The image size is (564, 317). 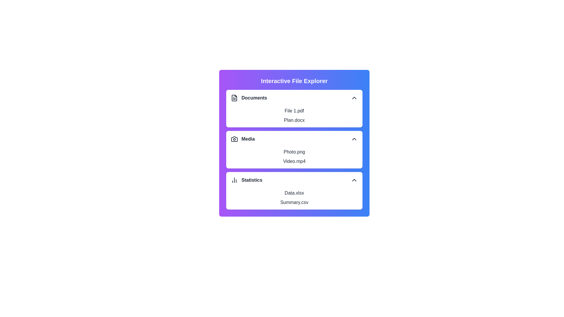 I want to click on the item Plan.docx from the section Documents, so click(x=294, y=120).